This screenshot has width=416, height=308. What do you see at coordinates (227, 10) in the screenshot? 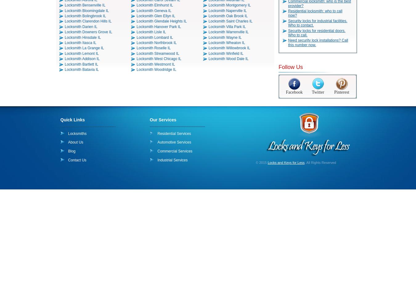
I see `'Locksmith Naperville IL'` at bounding box center [227, 10].